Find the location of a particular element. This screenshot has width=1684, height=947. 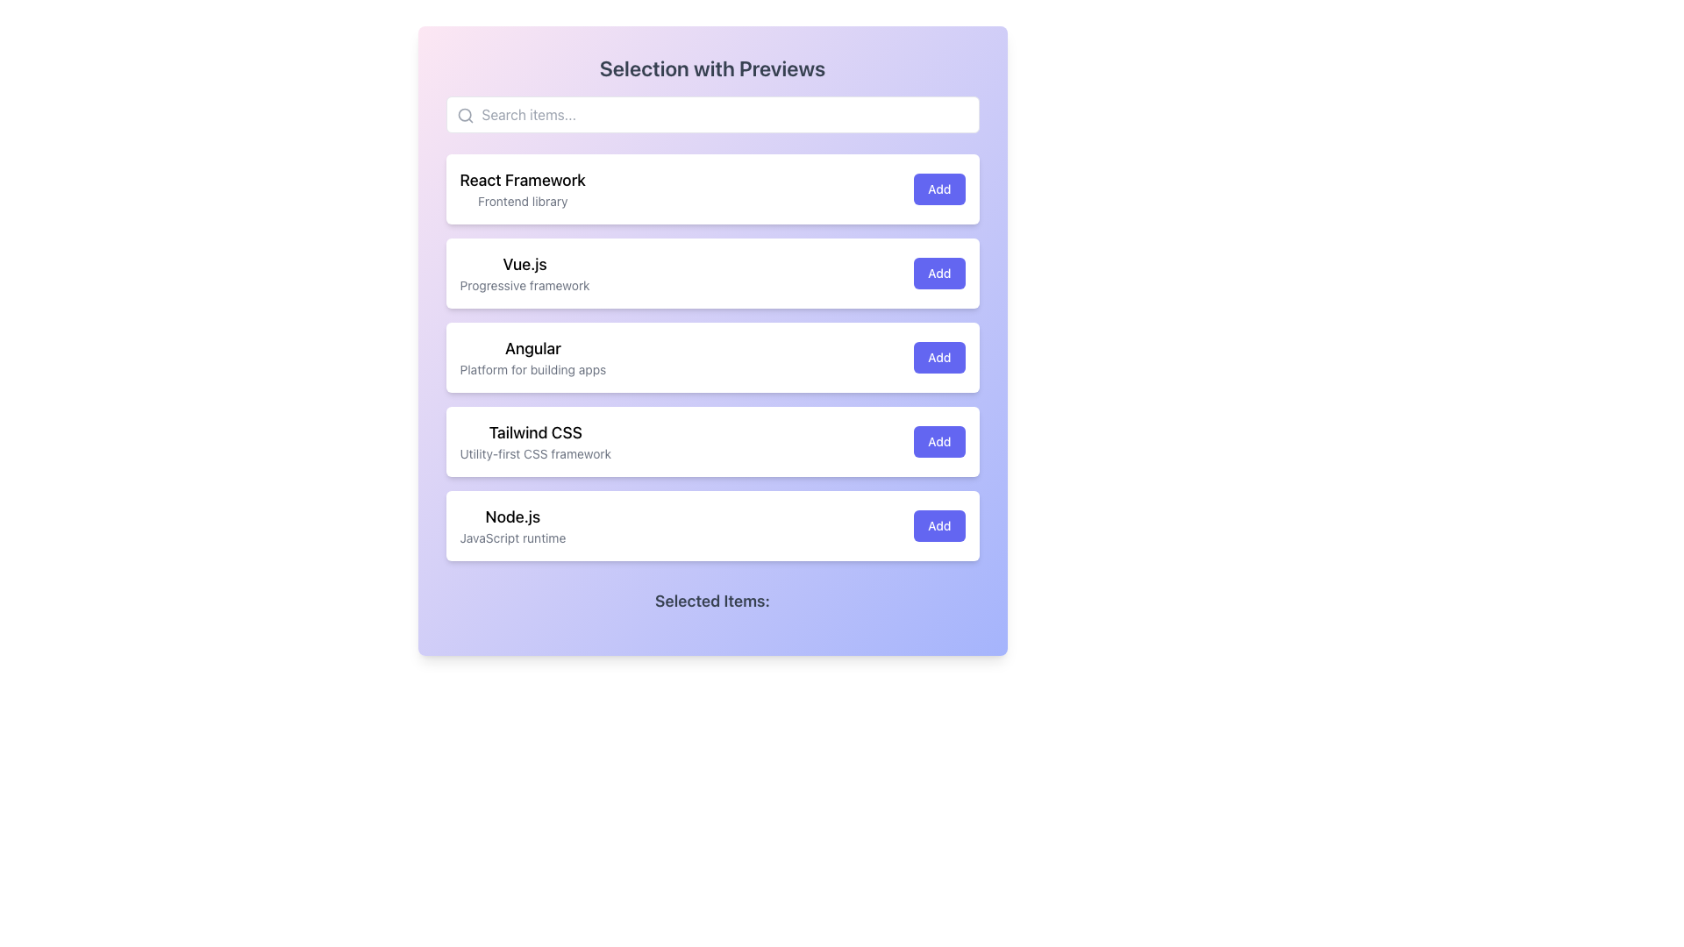

the informational listing for the Vue.js framework, which is styled as a text grouping within a card layout and is located in the second row beneath 'React Framework' and above 'Angular' is located at coordinates (524, 274).